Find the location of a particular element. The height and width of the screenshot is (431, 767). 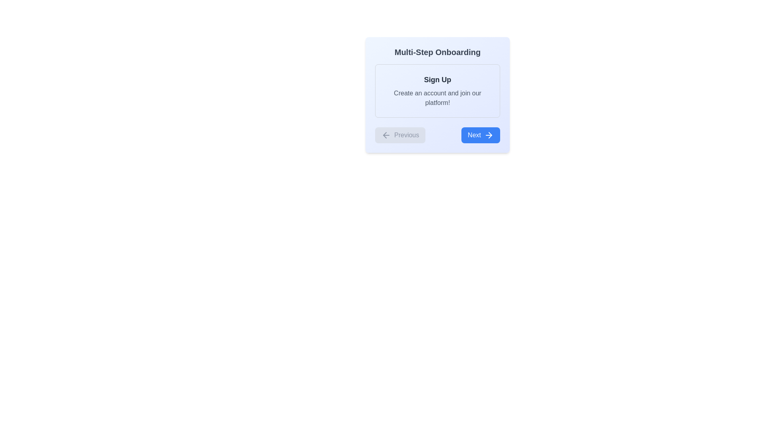

the text label that says 'Create an account and join our platform!' which is positioned below the 'Sign Up' heading within a bordered card-like structure is located at coordinates (437, 98).